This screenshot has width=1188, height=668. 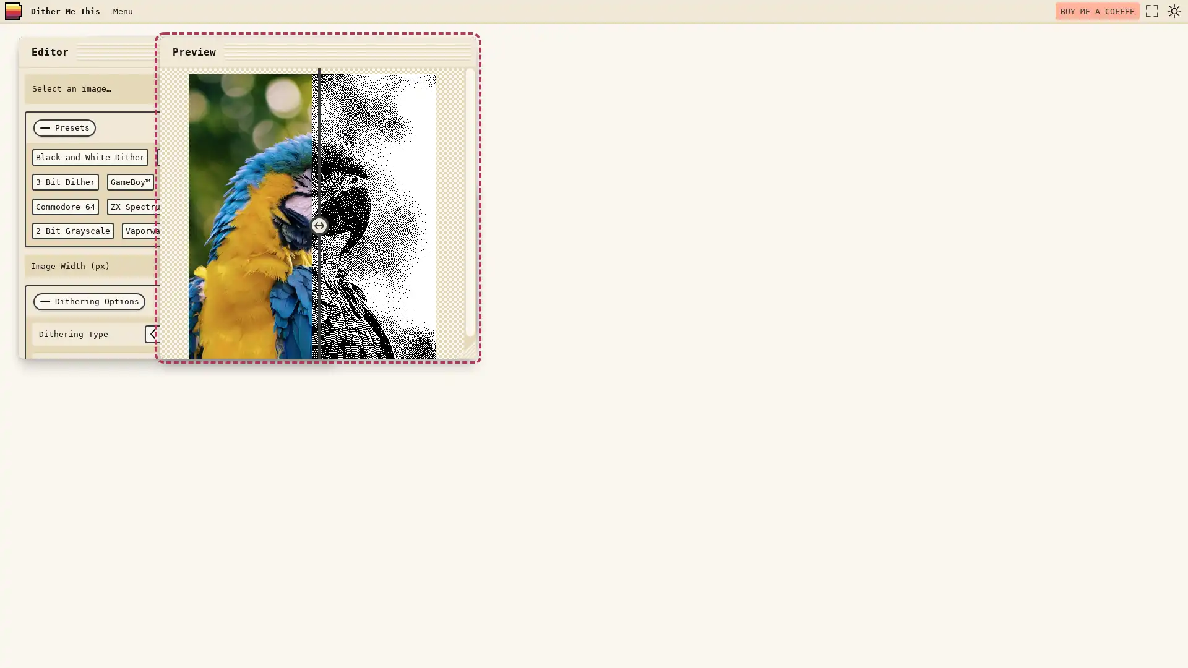 I want to click on select previous option, so click(x=183, y=364).